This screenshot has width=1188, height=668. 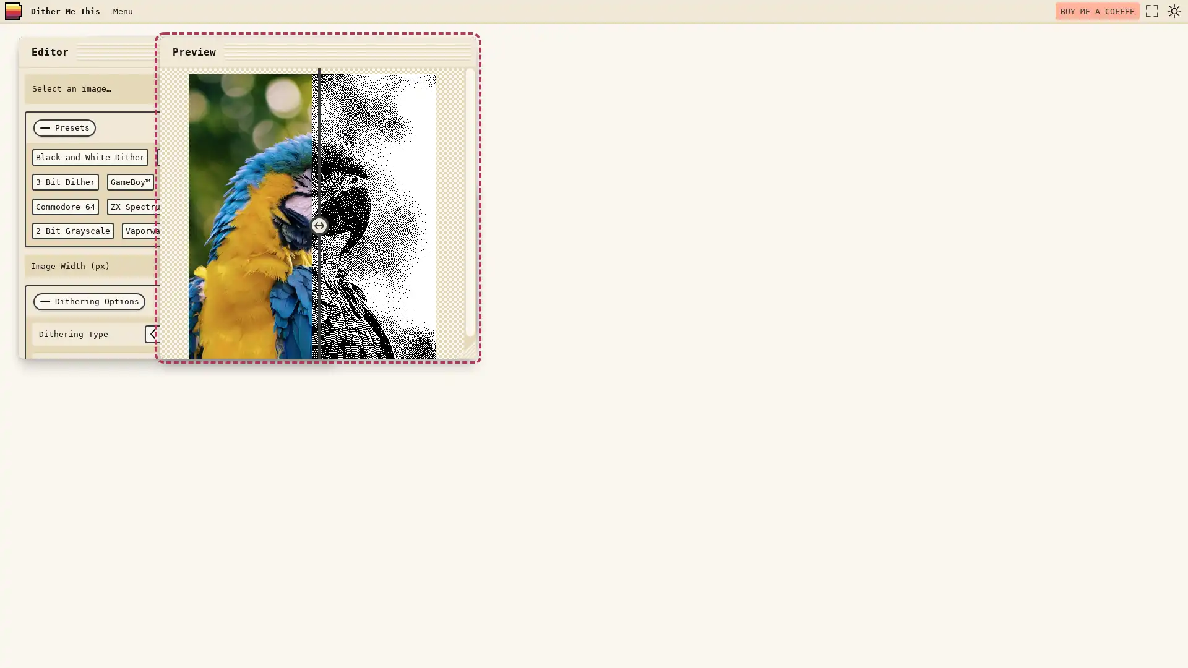 I want to click on select previous option, so click(x=183, y=364).